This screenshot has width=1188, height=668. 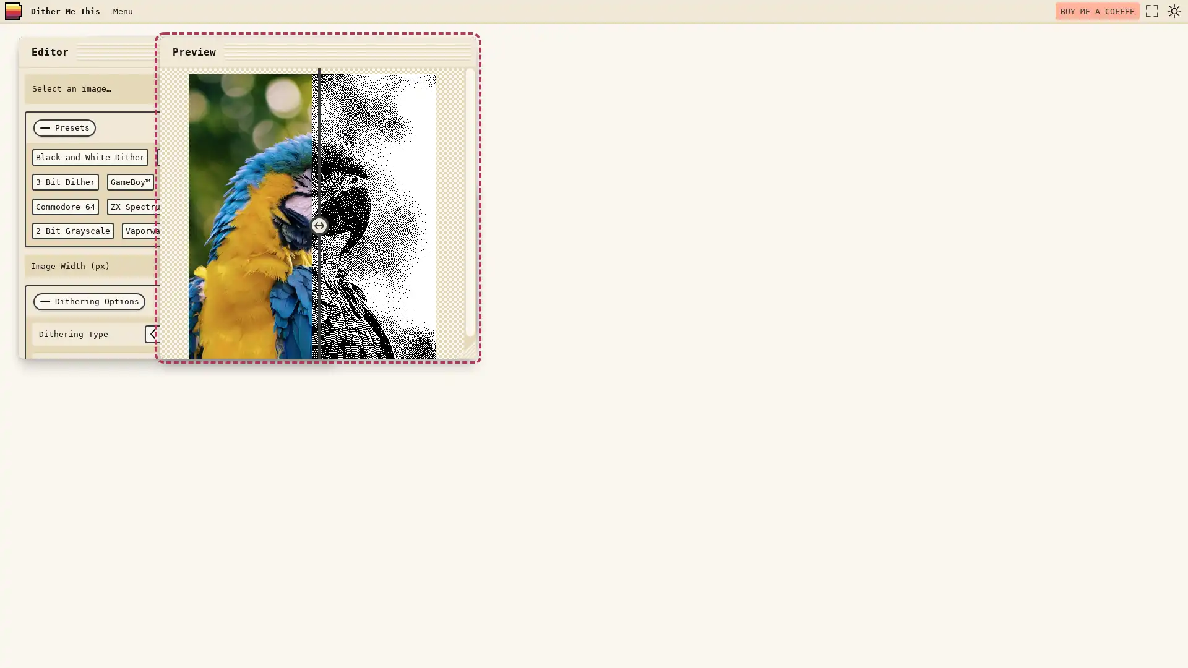 I want to click on select previous option, so click(x=183, y=364).